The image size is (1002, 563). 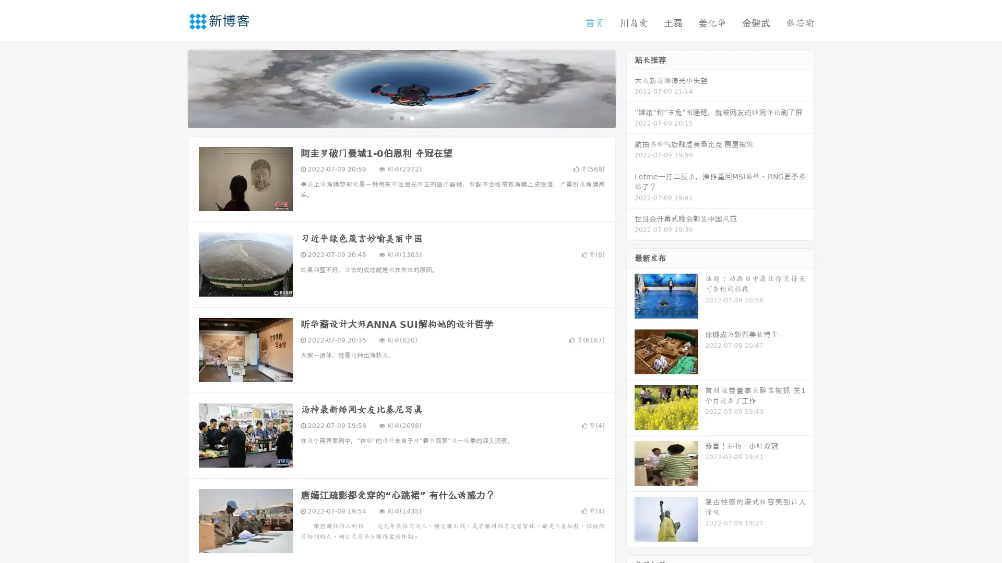 I want to click on Go to slide 3, so click(x=412, y=117).